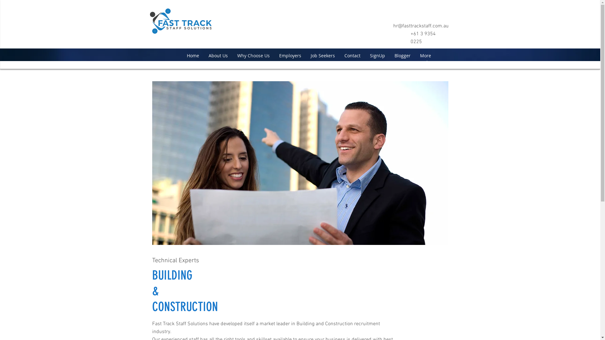 This screenshot has height=340, width=605. I want to click on 'Why Choose Us', so click(232, 55).